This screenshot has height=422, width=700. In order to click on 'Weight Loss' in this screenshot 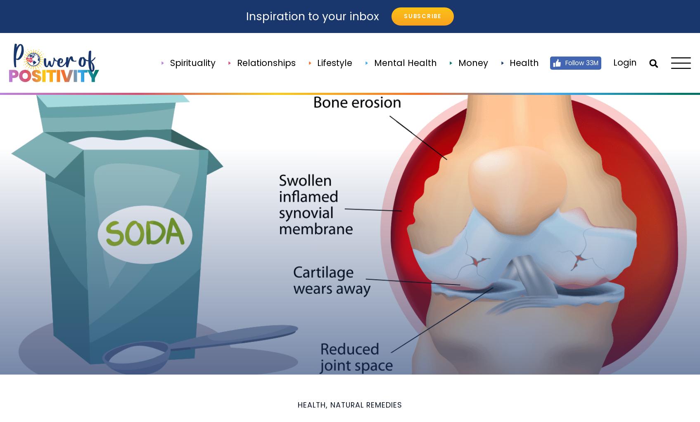, I will do `click(523, 283)`.